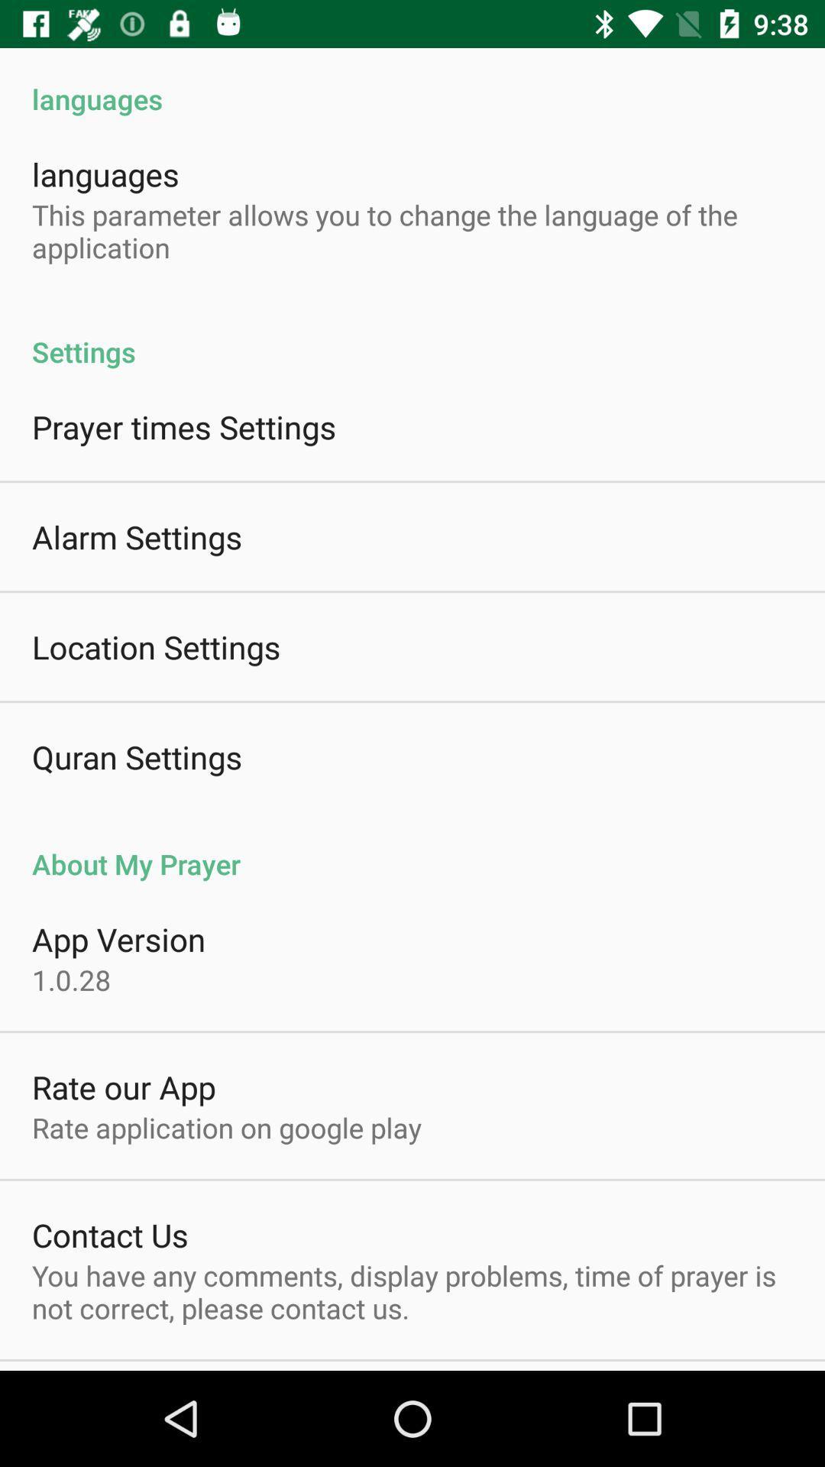 The image size is (825, 1467). Describe the element at coordinates (118, 938) in the screenshot. I see `item below about my prayer` at that location.